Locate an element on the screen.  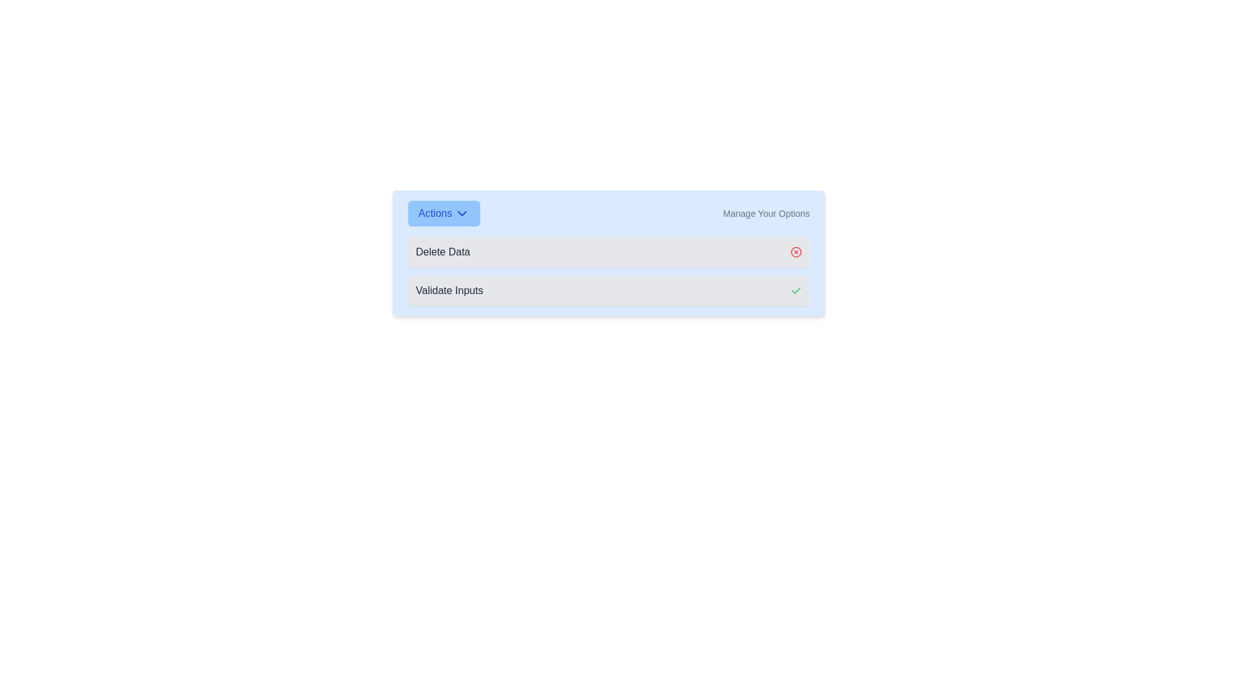
the checkmark symbol within the 'Validate Inputs' section to confirm or complete the action is located at coordinates (796, 290).